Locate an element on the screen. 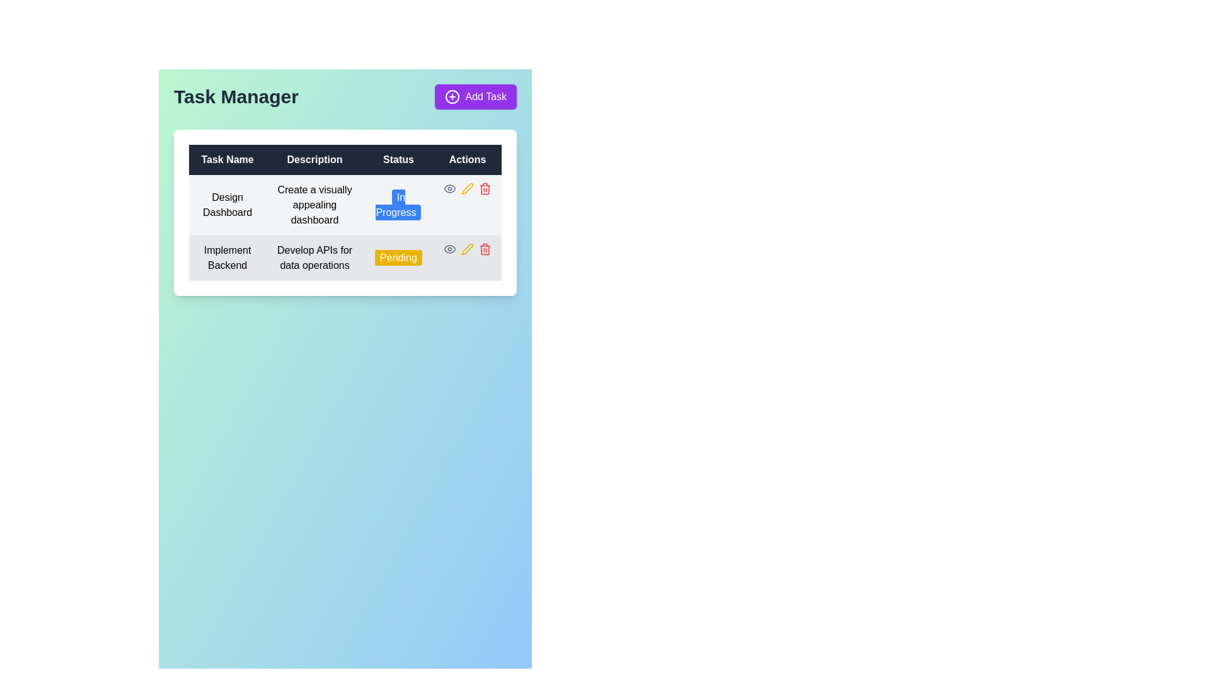 Image resolution: width=1210 pixels, height=680 pixels. the status of the status badge with the text 'In Progress', which is styled with a blue background and white text, located in the third column of the first row of the table under the 'Task Manager' header is located at coordinates (398, 205).